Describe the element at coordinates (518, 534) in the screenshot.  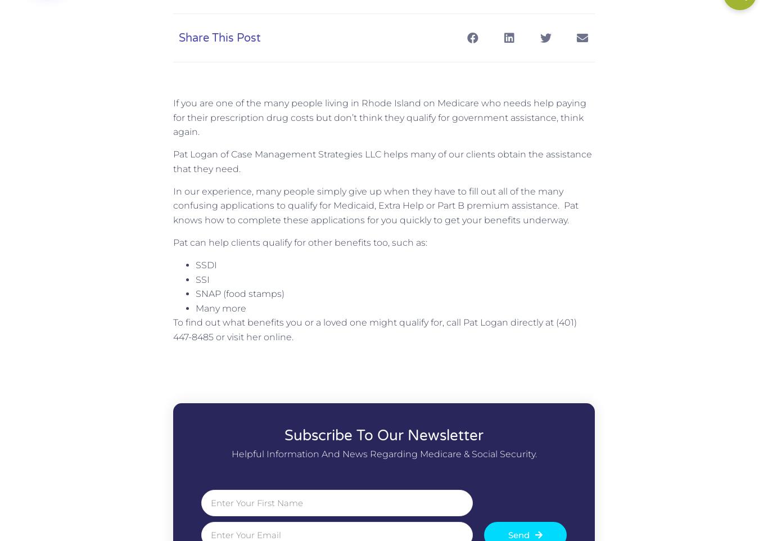
I see `'Send'` at that location.